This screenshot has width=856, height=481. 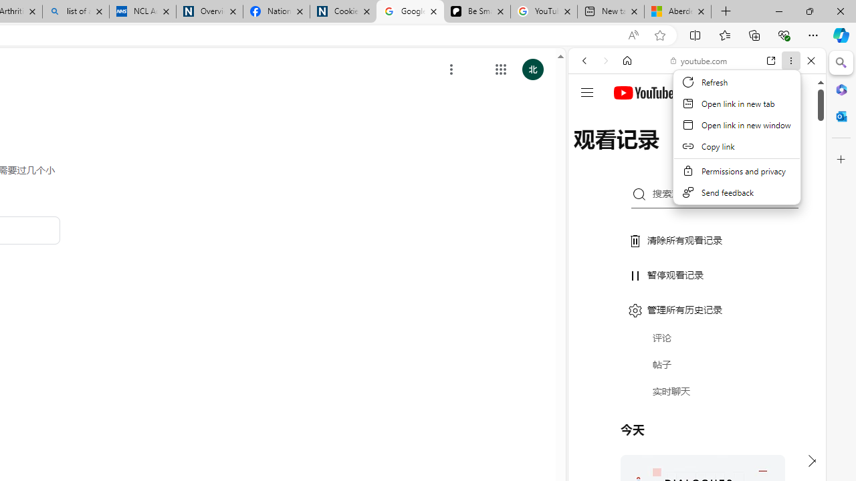 I want to click on 'SEARCH TOOLS', so click(x=730, y=152).